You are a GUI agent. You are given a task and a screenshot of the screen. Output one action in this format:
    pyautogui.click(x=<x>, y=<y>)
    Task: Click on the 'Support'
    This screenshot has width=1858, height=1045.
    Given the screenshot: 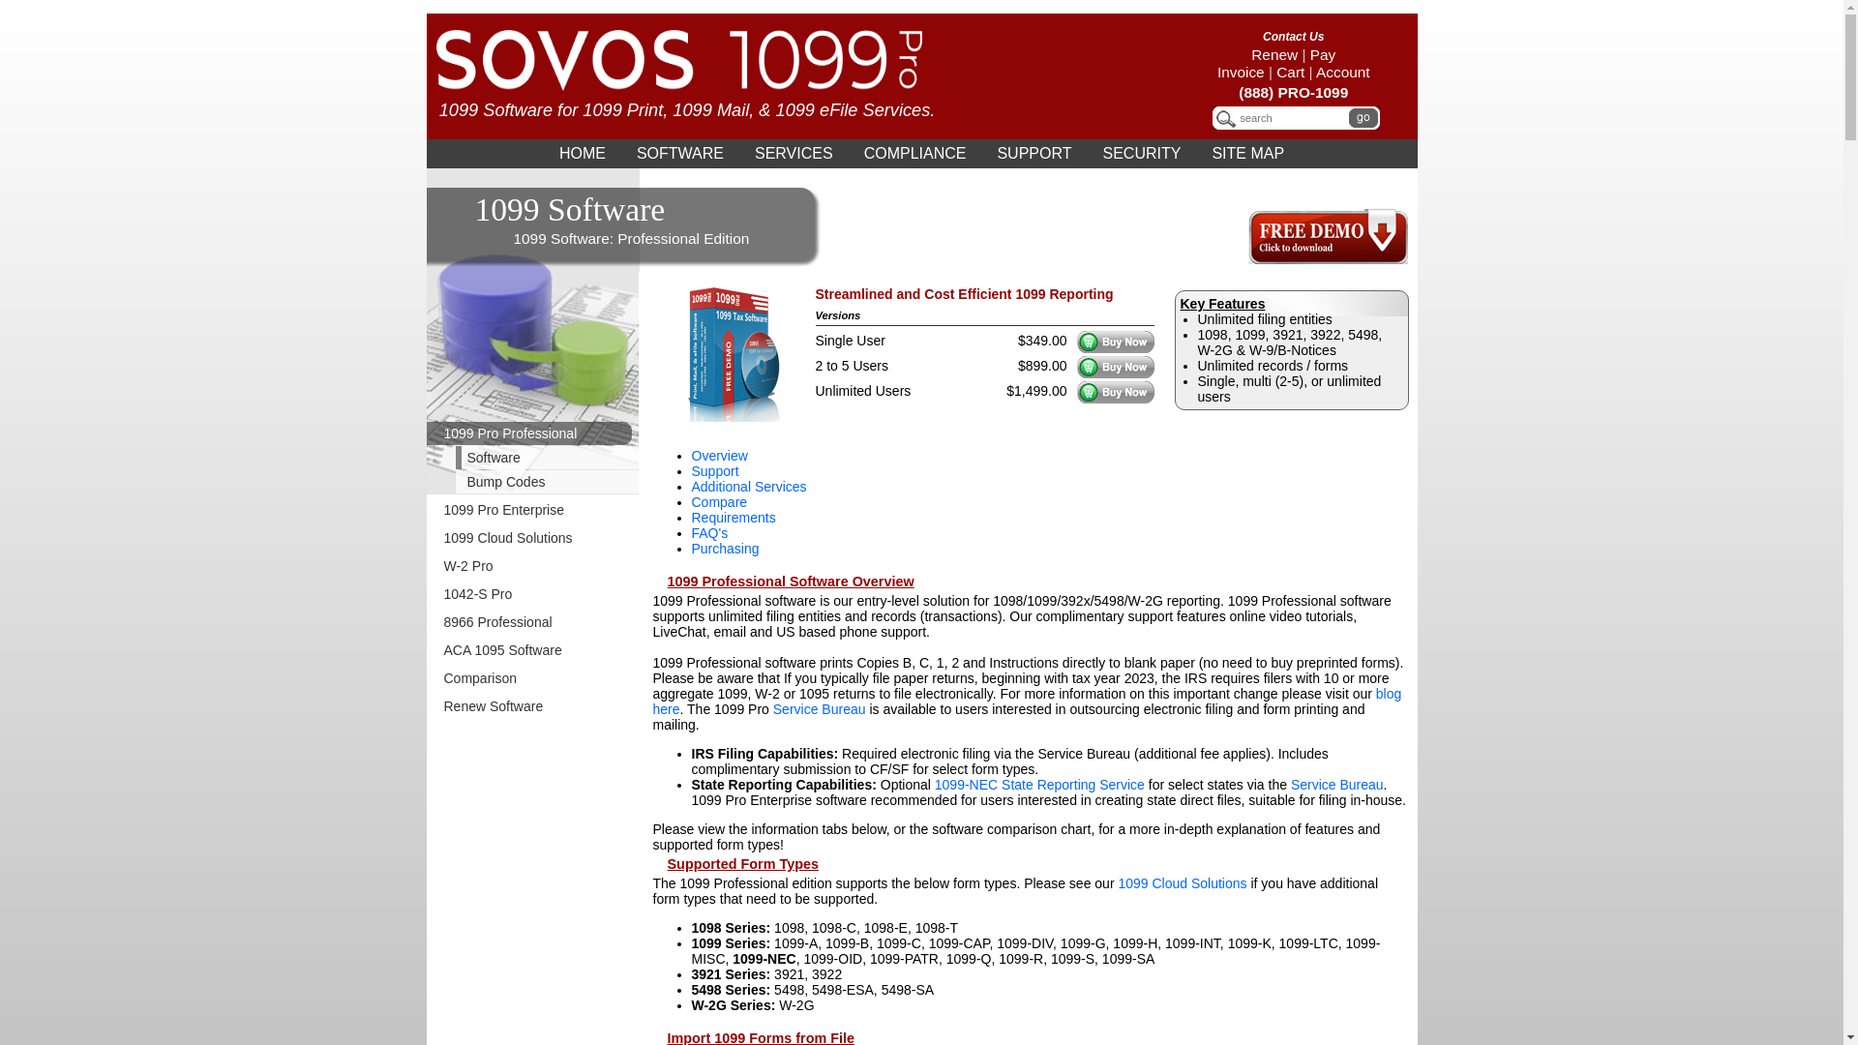 What is the action you would take?
    pyautogui.click(x=713, y=470)
    